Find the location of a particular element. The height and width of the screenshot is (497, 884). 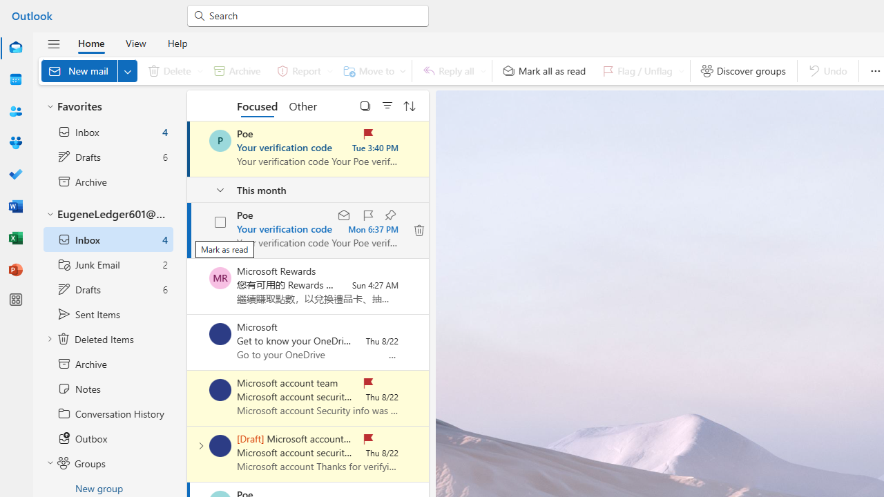

'Focused' is located at coordinates (258, 105).